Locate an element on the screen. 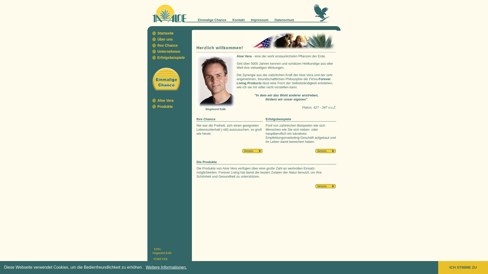 Image resolution: width=488 pixels, height=274 pixels. 'Impressum' is located at coordinates (251, 20).